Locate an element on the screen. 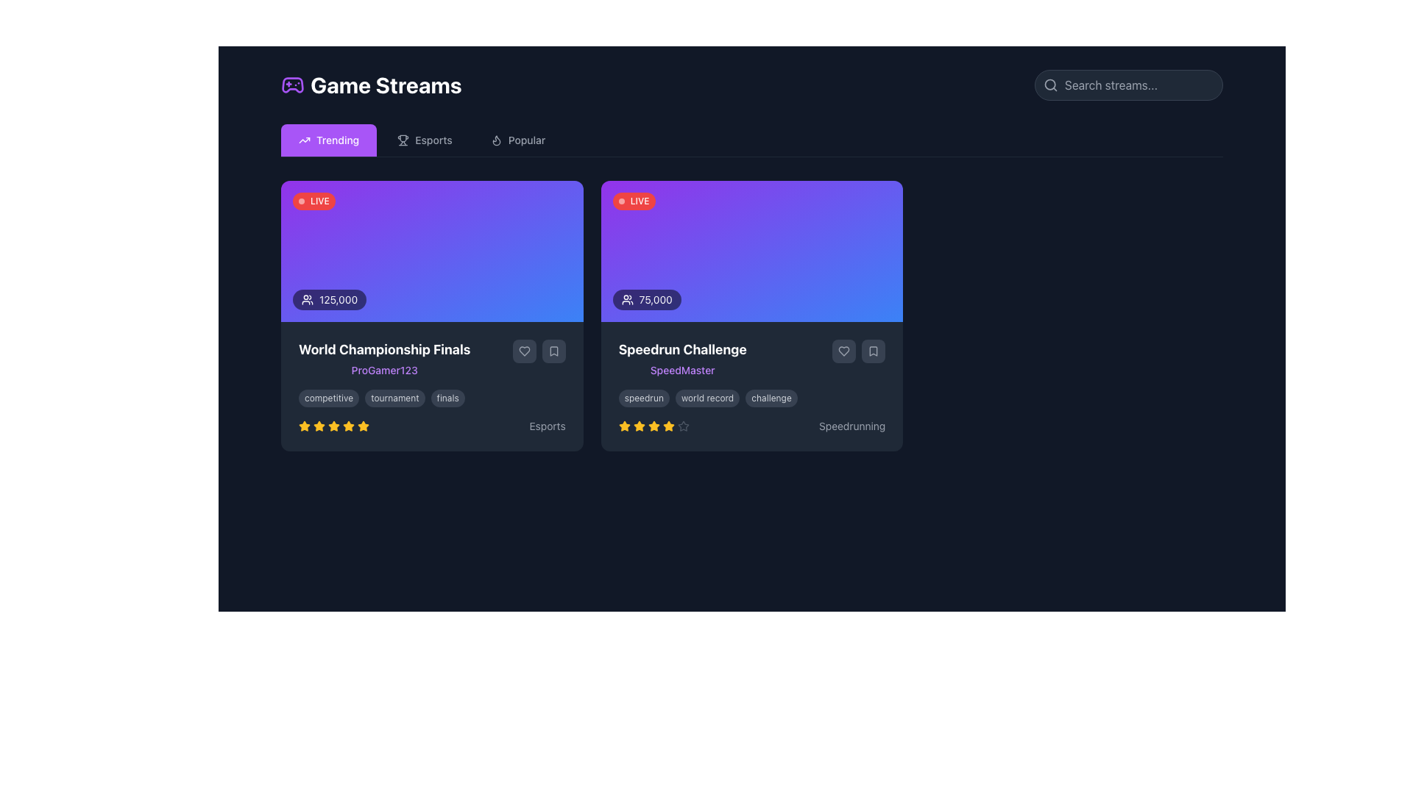 The width and height of the screenshot is (1413, 794). the text of the tag group containing 'speedrun', 'world record', and 'challenge' located at the bottom-middle part of the 'Speedrun Challenge' card by 'SpeedMaster' is located at coordinates (752, 398).